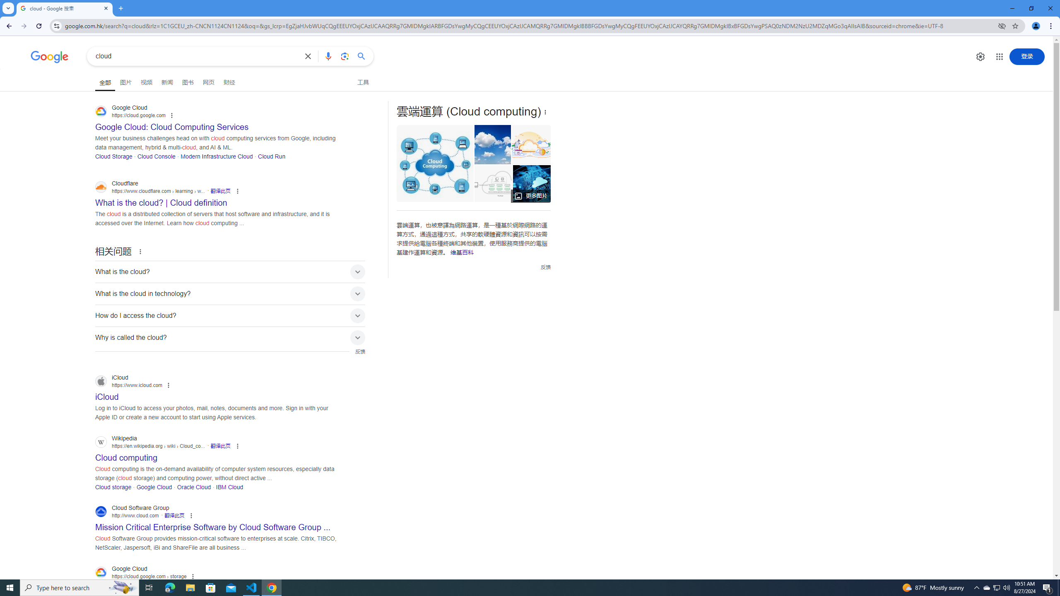 The image size is (1060, 596). What do you see at coordinates (216, 156) in the screenshot?
I see `'Modern Infrastructure Cloud'` at bounding box center [216, 156].